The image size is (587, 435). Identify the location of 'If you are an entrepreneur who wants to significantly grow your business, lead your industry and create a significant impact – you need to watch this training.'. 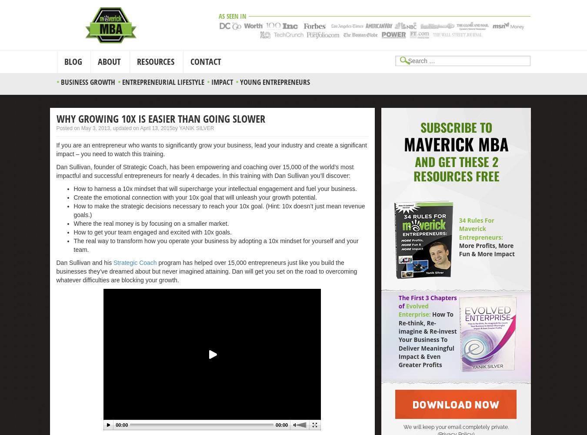
(211, 149).